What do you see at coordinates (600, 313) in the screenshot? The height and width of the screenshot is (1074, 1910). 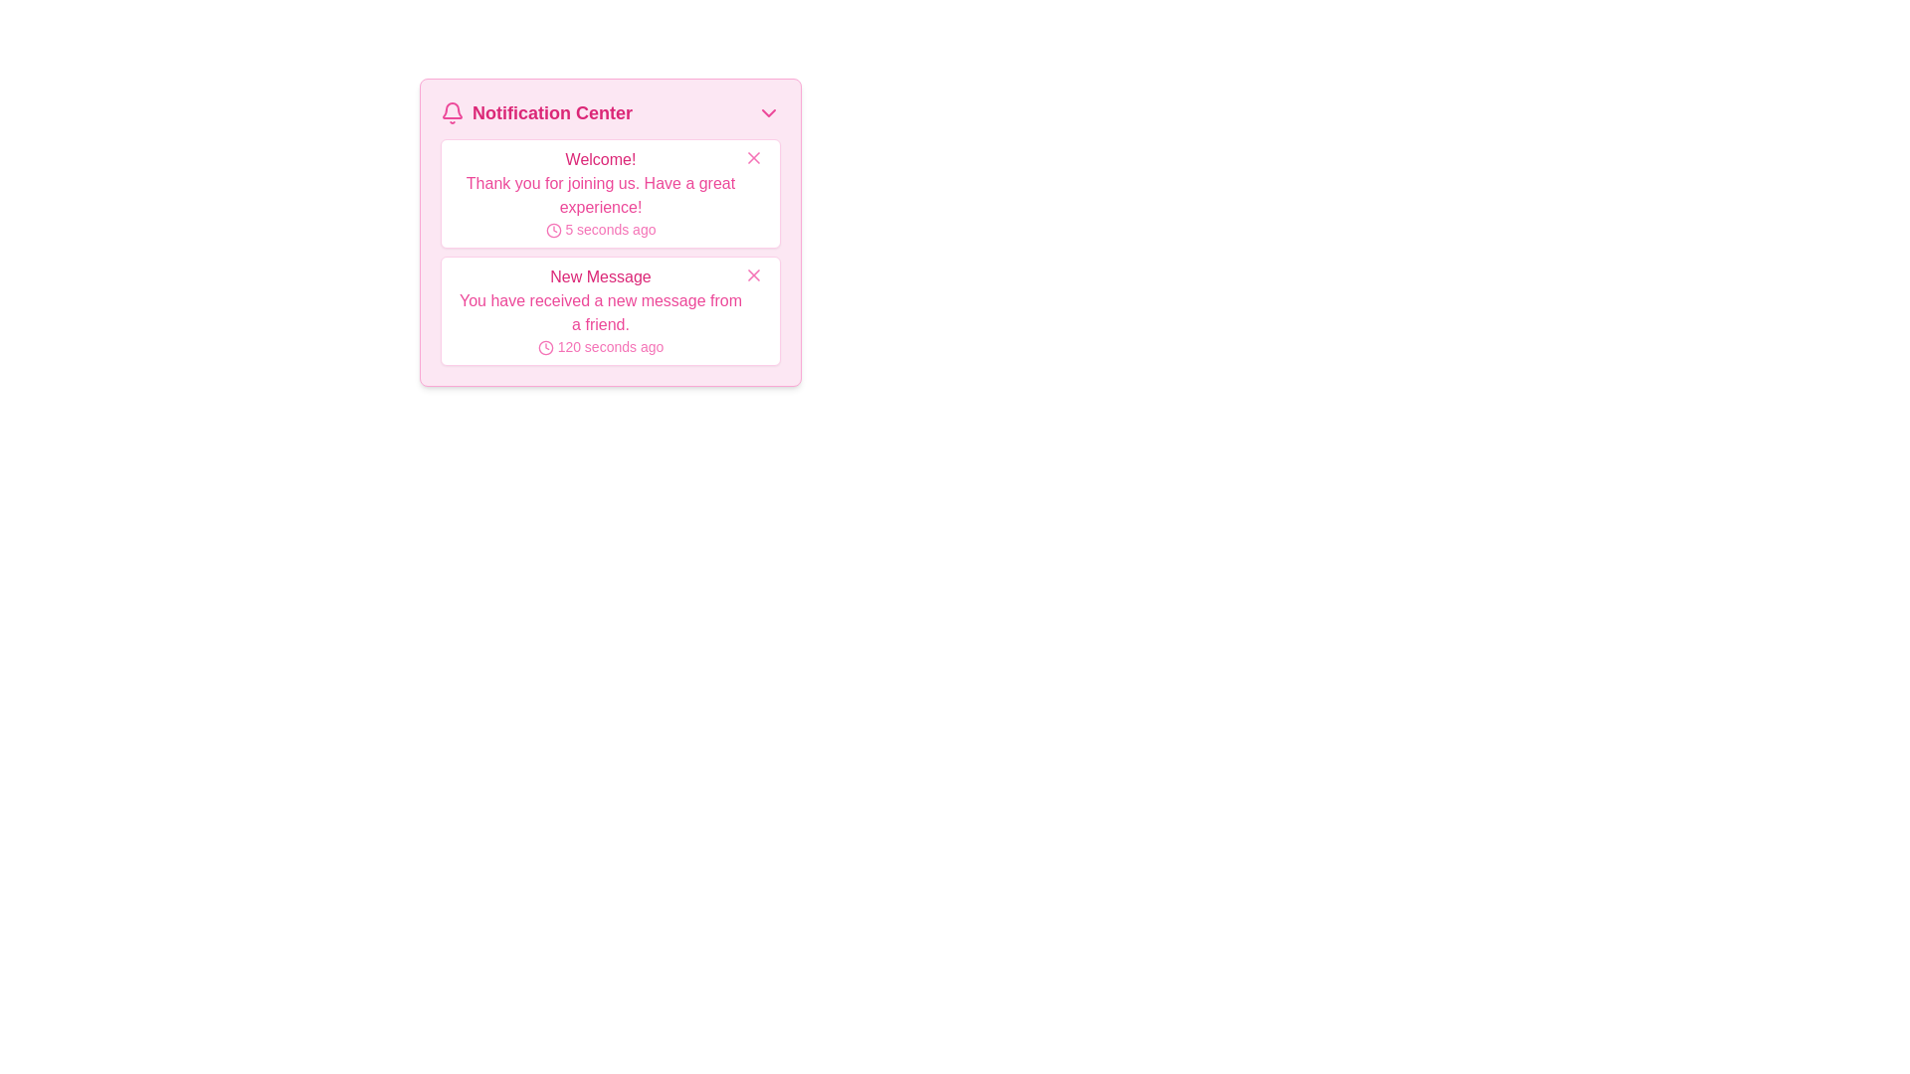 I see `text notification labeled 'You have received a new message from a friend.' which is styled in a pink color scheme and is located below the title 'New Message'` at bounding box center [600, 313].